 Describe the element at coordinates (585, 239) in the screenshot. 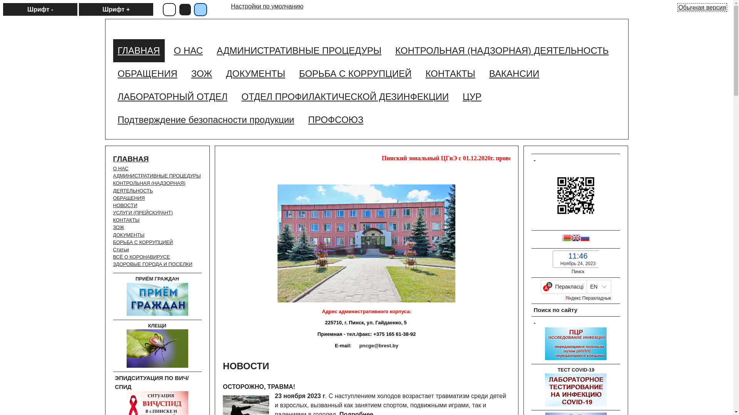

I see `'Russian'` at that location.